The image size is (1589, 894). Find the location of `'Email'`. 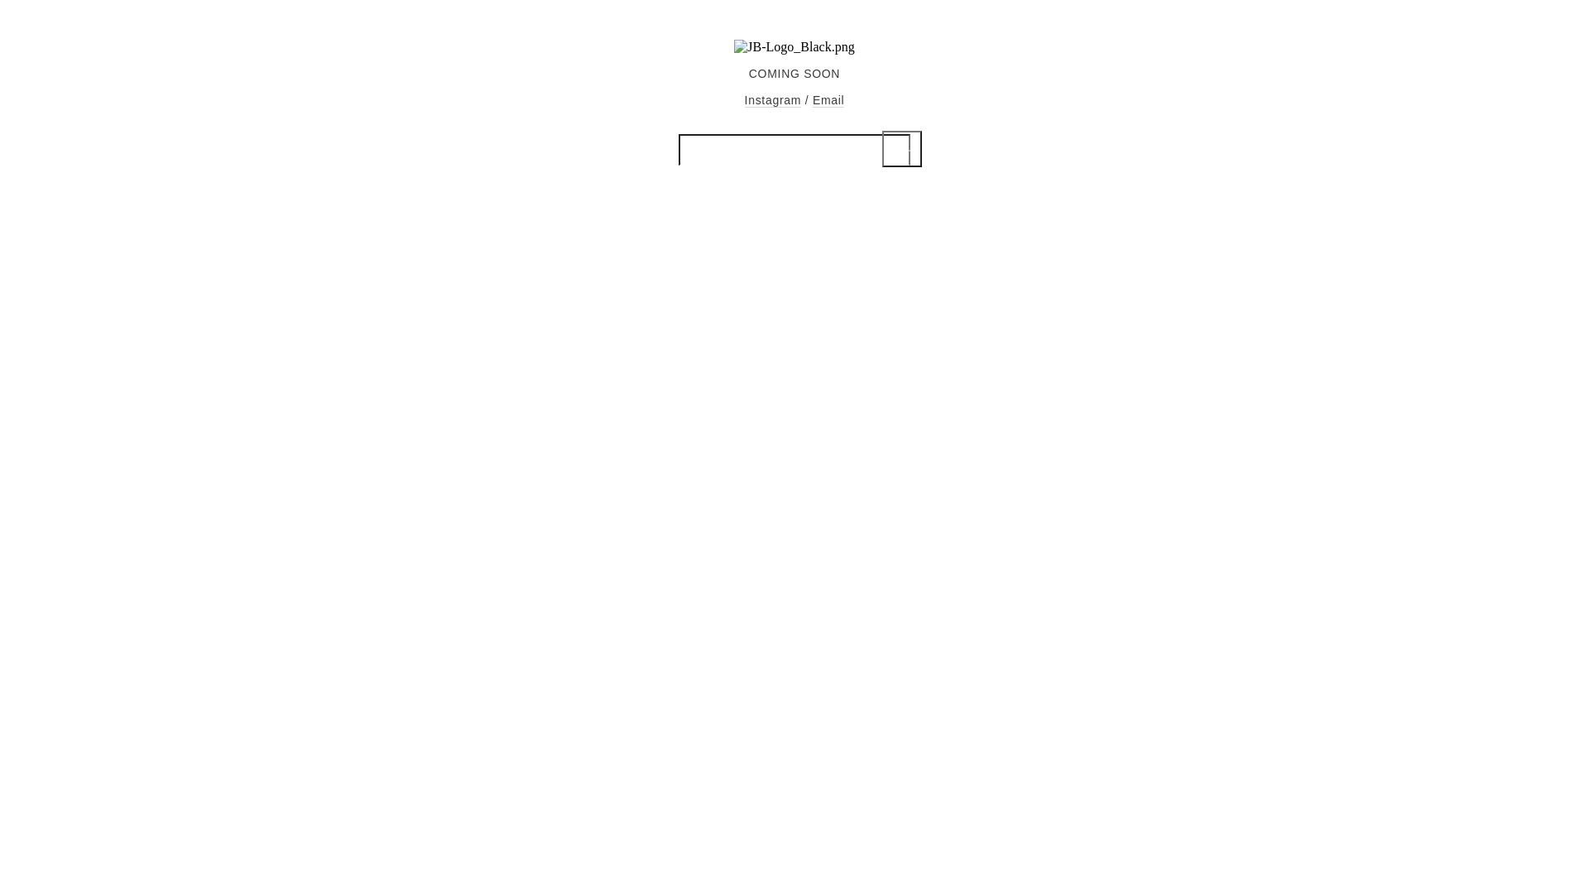

'Email' is located at coordinates (813, 100).